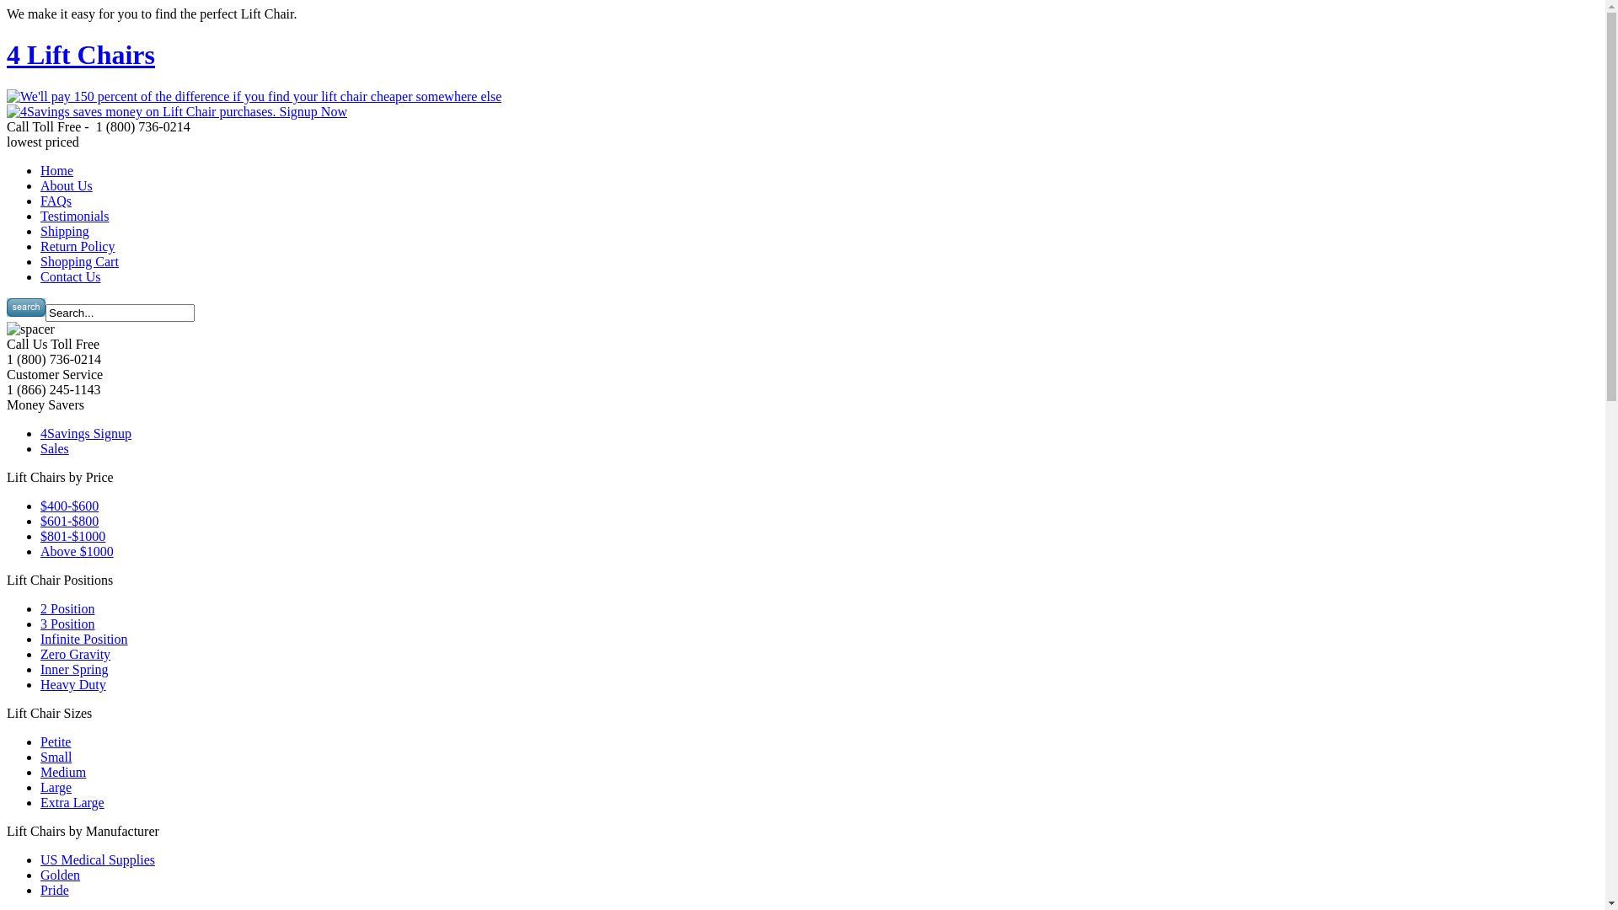 The height and width of the screenshot is (910, 1618). I want to click on '4Savings Signup', so click(84, 432).